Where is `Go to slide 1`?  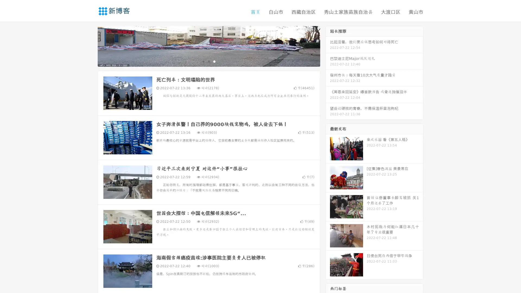 Go to slide 1 is located at coordinates (203, 61).